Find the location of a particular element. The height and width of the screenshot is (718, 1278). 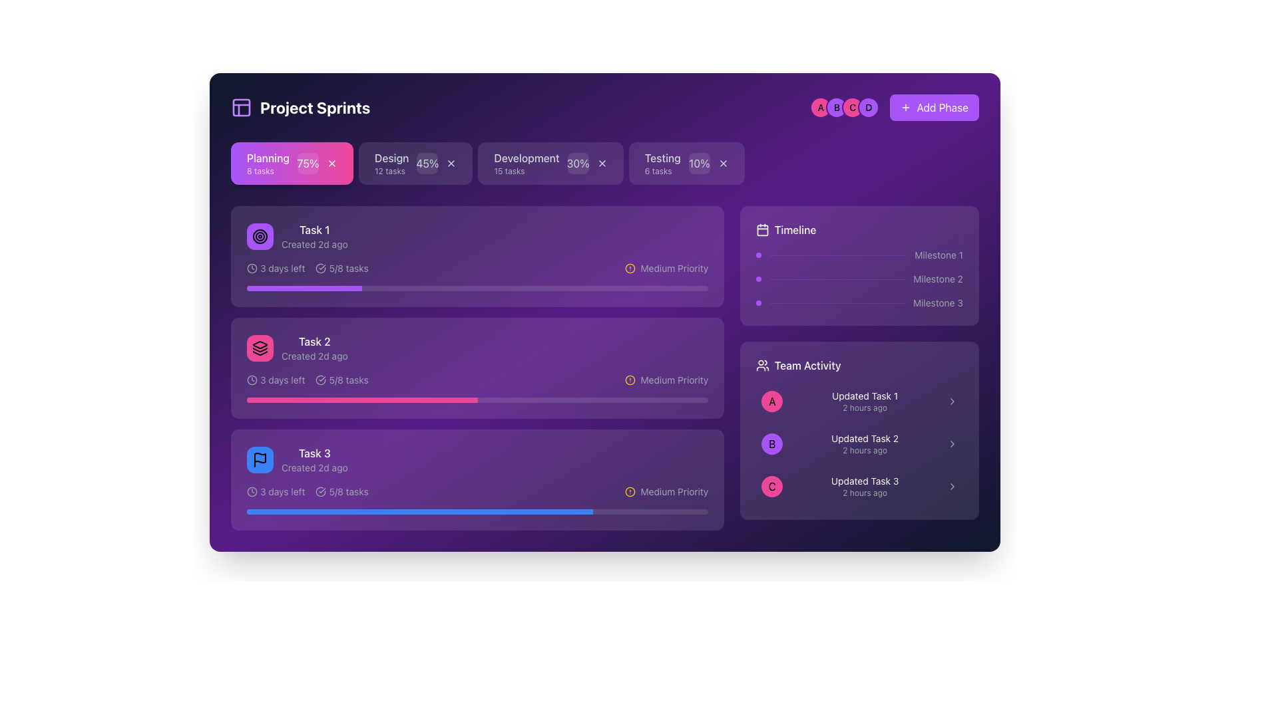

text label displaying '2 hours ago' located below the 'Updated Task 2' label in the 'Team Activity' section is located at coordinates (865, 450).